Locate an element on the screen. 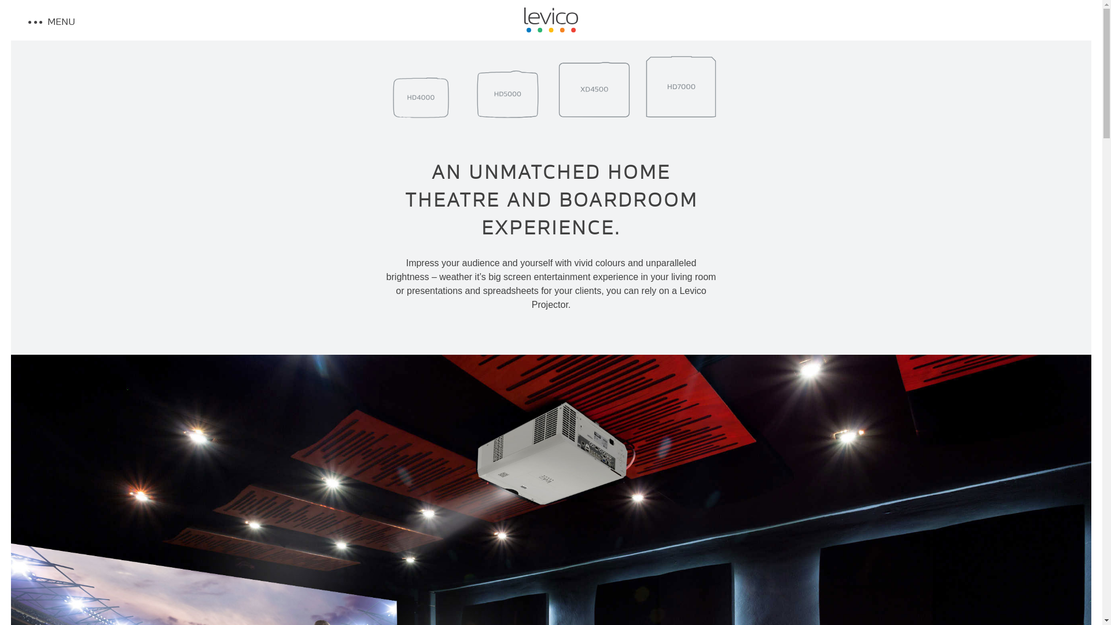  'MENU' is located at coordinates (154, 20).